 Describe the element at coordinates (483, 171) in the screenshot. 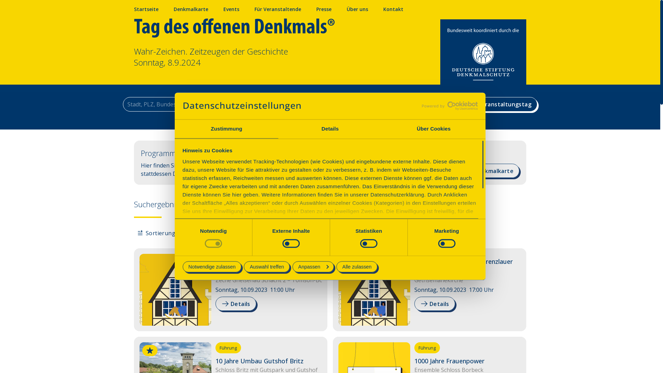

I see `'Zur Denkmalkarte'` at that location.